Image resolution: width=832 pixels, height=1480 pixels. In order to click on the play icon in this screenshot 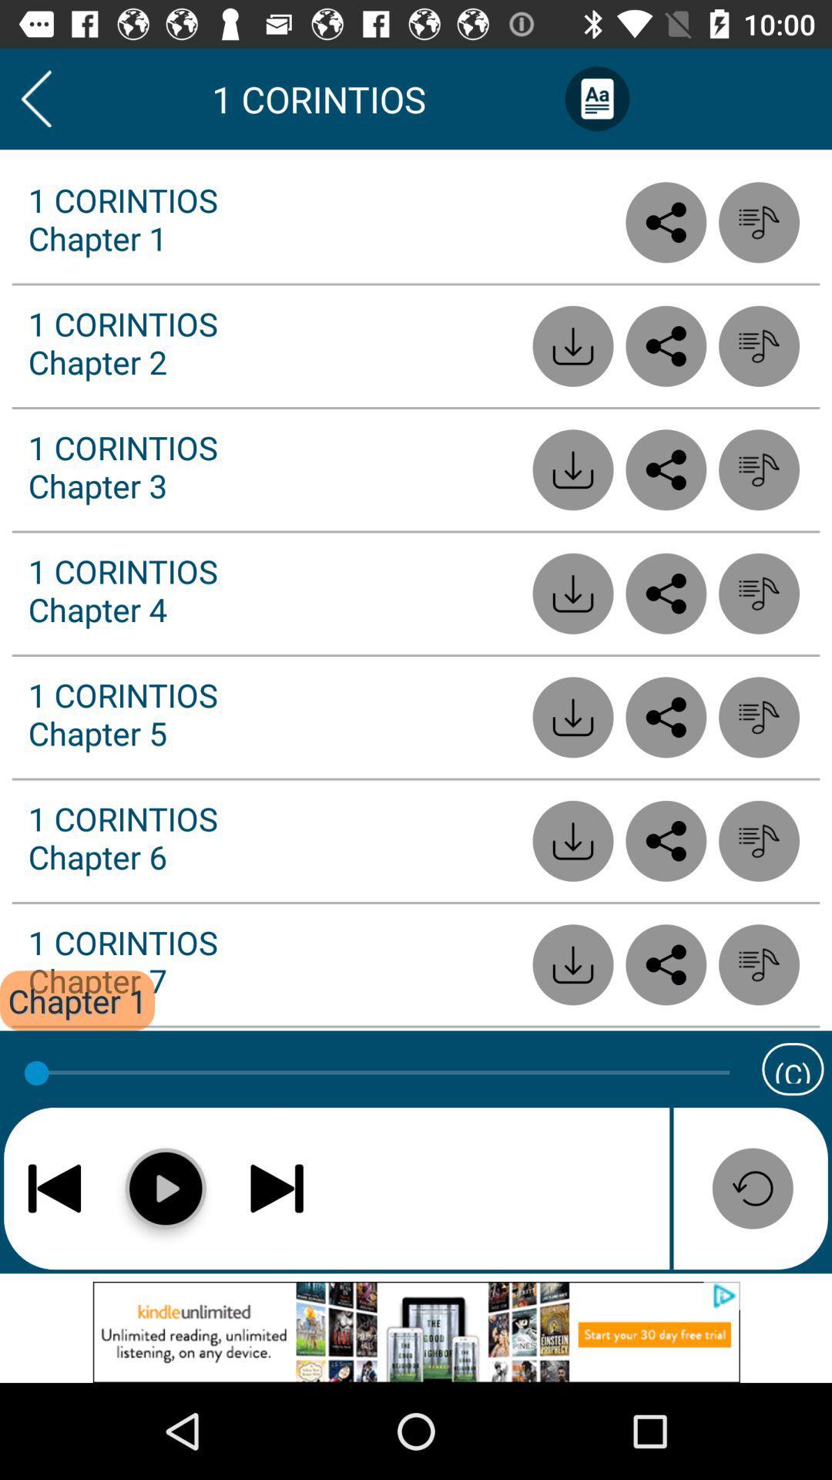, I will do `click(166, 1187)`.